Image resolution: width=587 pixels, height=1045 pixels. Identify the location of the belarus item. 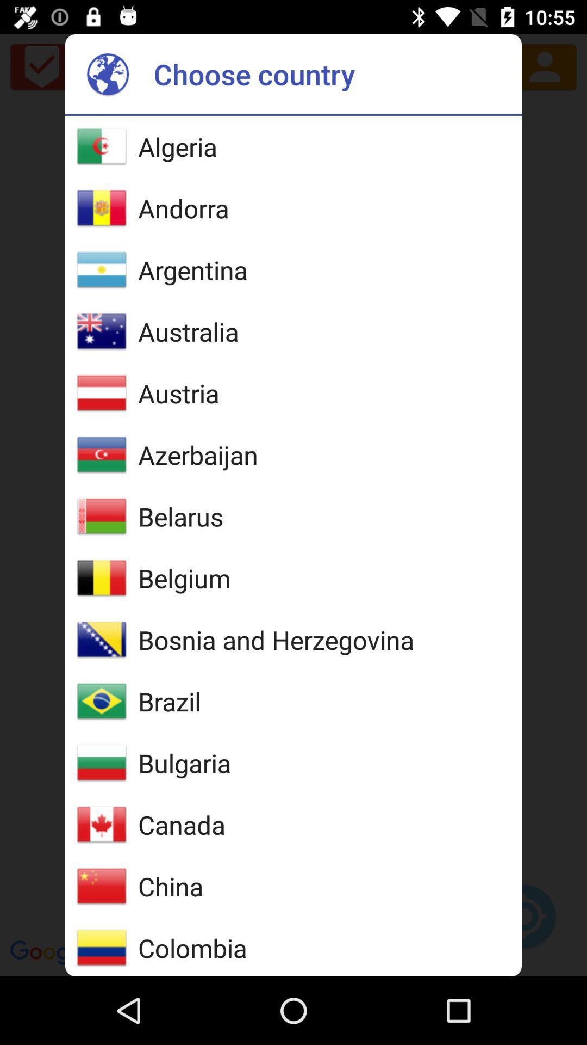
(180, 516).